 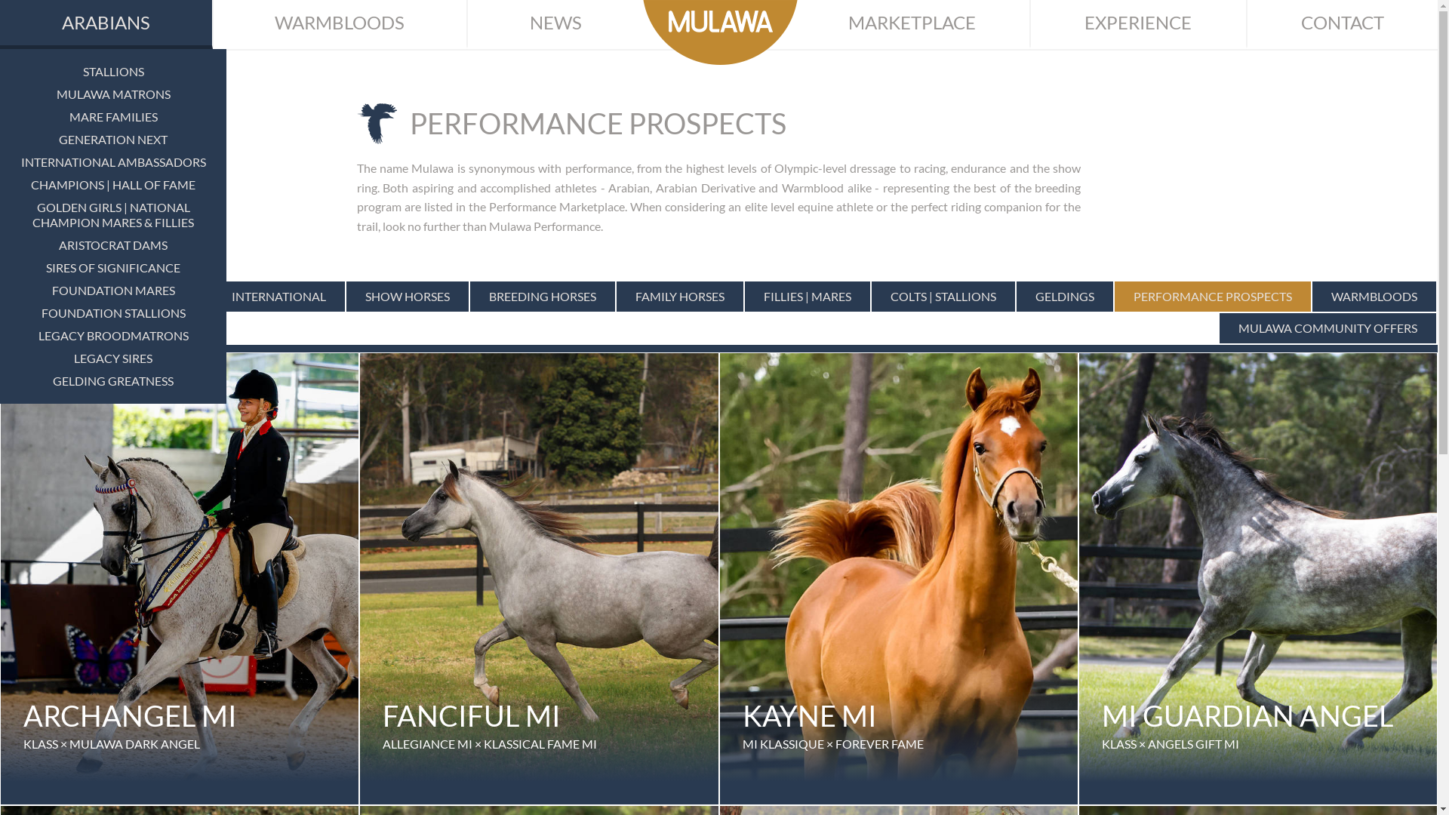 What do you see at coordinates (112, 184) in the screenshot?
I see `'CHAMPIONS | HALL OF FAME'` at bounding box center [112, 184].